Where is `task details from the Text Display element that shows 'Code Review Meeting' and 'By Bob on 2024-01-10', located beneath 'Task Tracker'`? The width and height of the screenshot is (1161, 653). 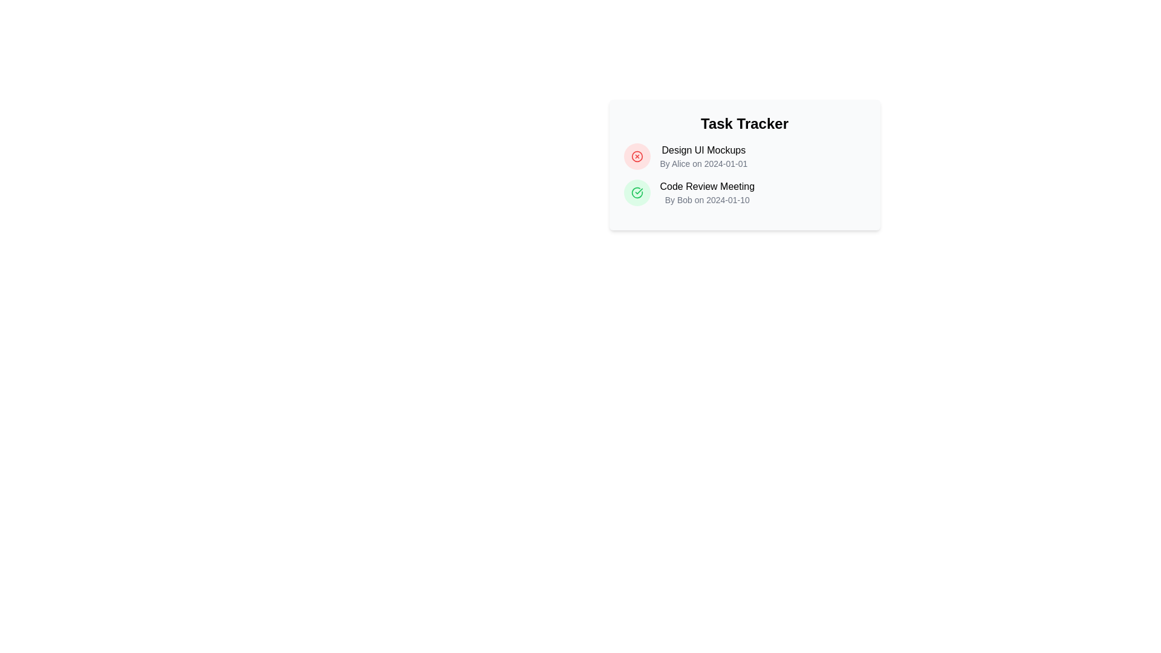 task details from the Text Display element that shows 'Code Review Meeting' and 'By Bob on 2024-01-10', located beneath 'Task Tracker' is located at coordinates (707, 192).